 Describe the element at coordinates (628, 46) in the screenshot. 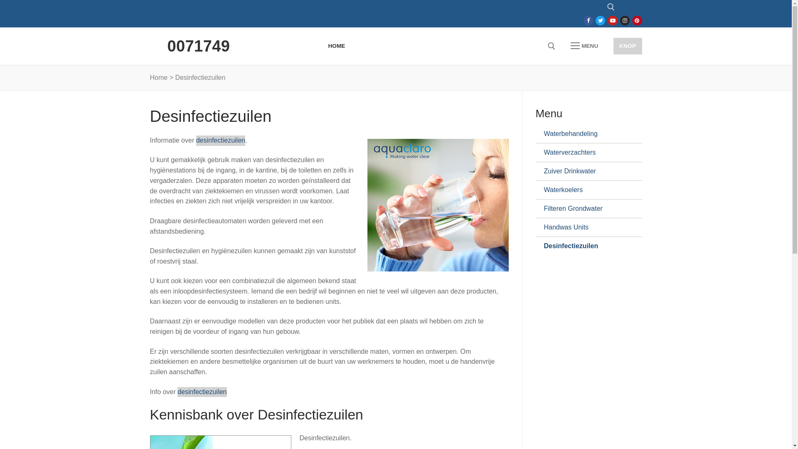

I see `'KNOP'` at that location.